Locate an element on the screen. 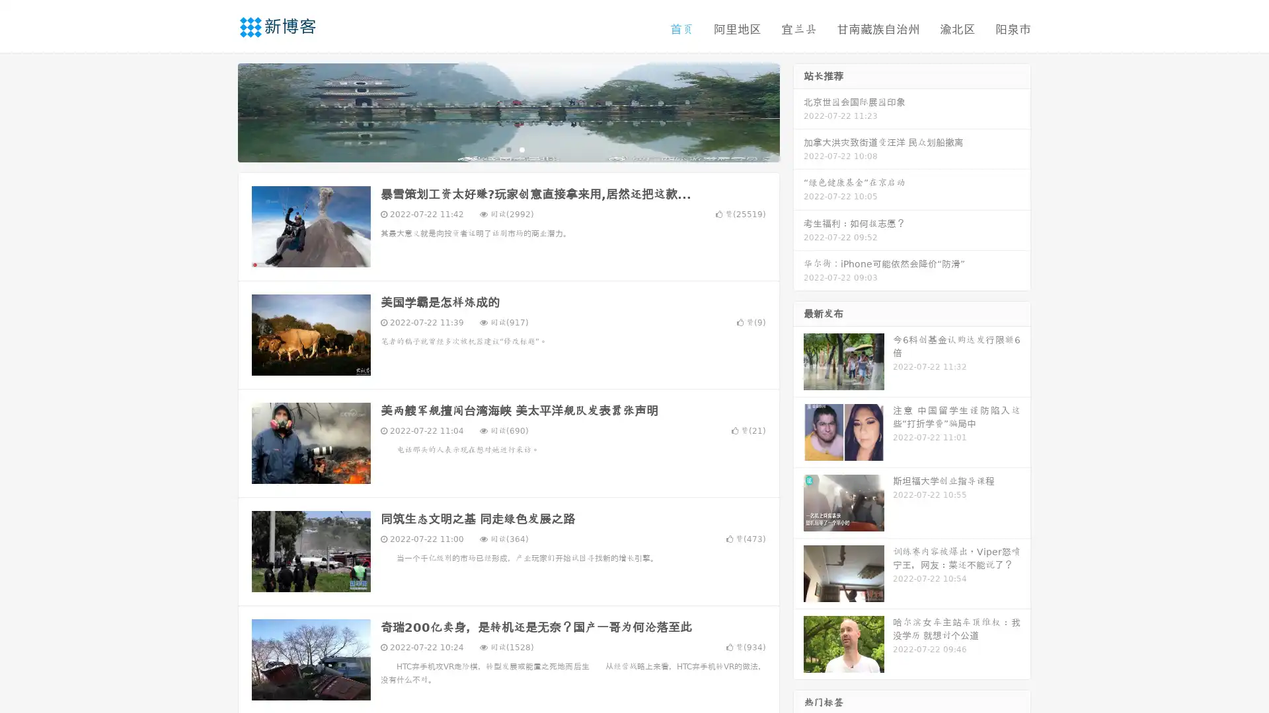 Image resolution: width=1269 pixels, height=713 pixels. Go to slide 3 is located at coordinates (521, 149).